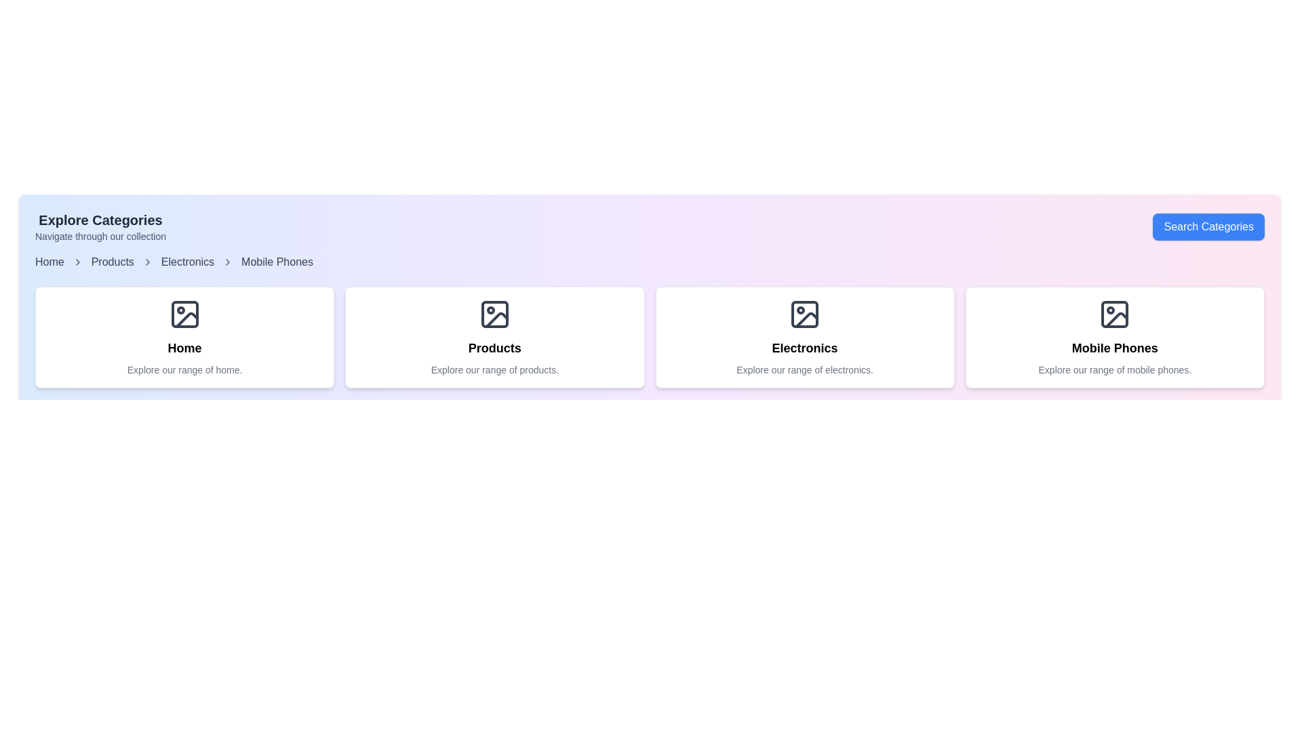  What do you see at coordinates (100, 235) in the screenshot?
I see `the supplementary information text located directly below the 'Explore Categories' heading in the upper-left section of the interface` at bounding box center [100, 235].